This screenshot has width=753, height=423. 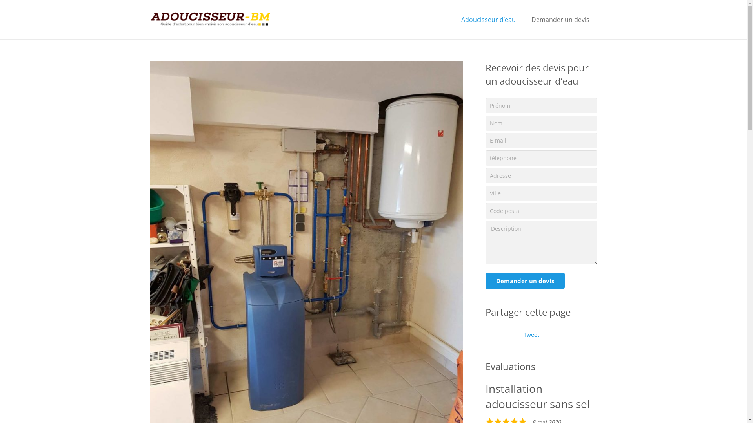 What do you see at coordinates (523, 334) in the screenshot?
I see `'Tweet'` at bounding box center [523, 334].